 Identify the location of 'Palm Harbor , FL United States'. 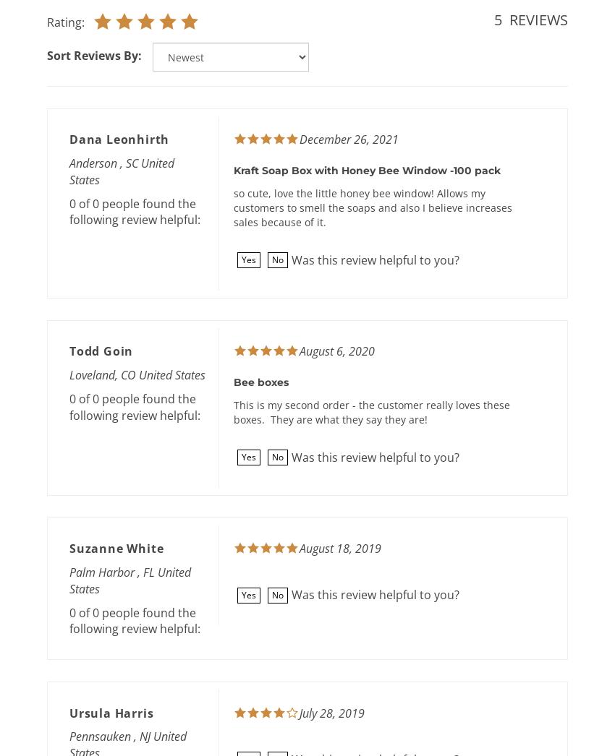
(130, 580).